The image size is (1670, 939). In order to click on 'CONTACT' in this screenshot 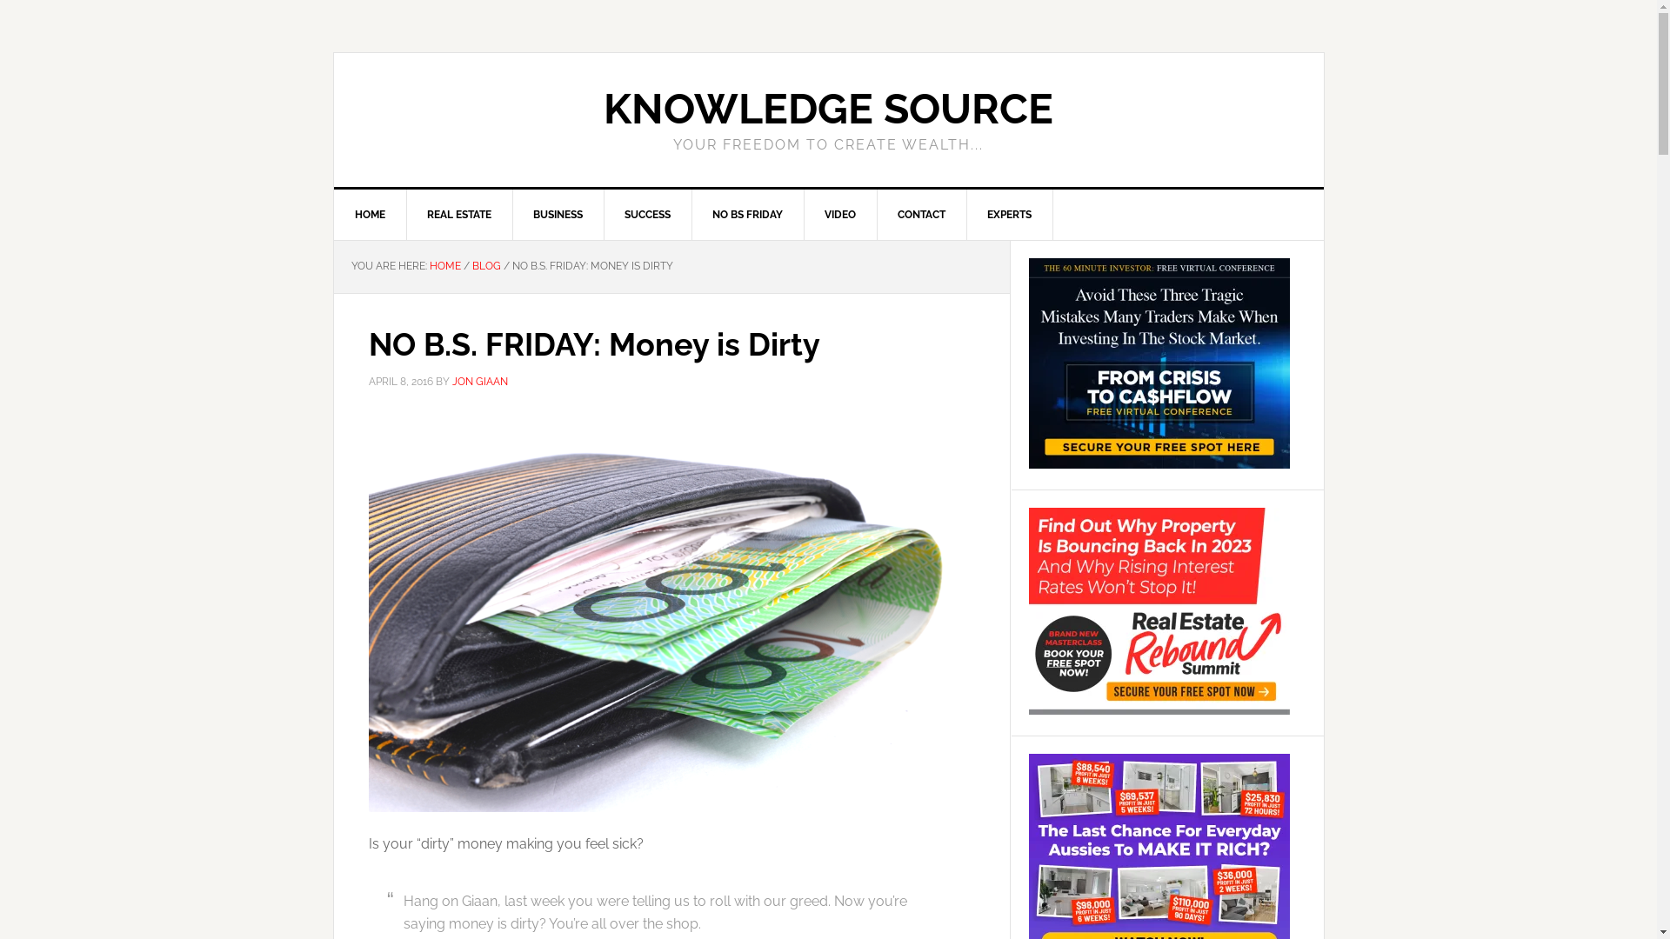, I will do `click(921, 213)`.